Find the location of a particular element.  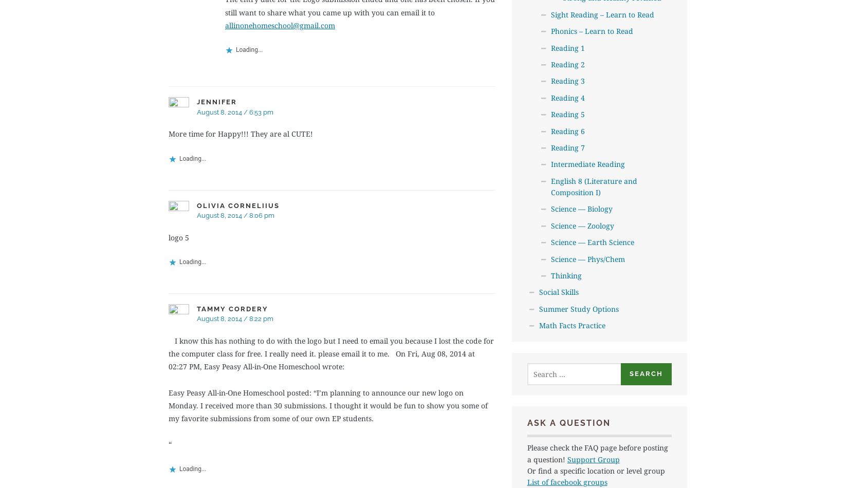

'Summer Study Options' is located at coordinates (539, 308).